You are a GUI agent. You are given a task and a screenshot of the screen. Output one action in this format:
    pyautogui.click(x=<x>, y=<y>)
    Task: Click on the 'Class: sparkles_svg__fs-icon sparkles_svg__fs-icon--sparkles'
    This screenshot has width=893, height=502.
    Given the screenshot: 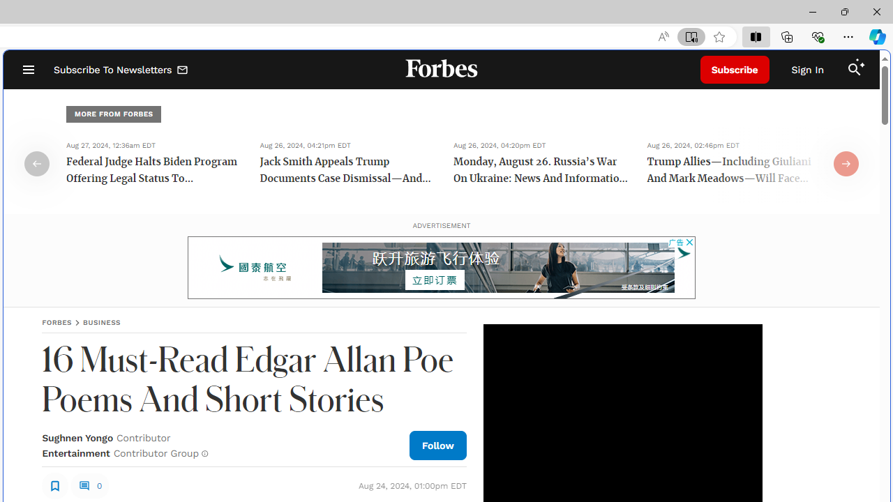 What is the action you would take?
    pyautogui.click(x=860, y=63)
    